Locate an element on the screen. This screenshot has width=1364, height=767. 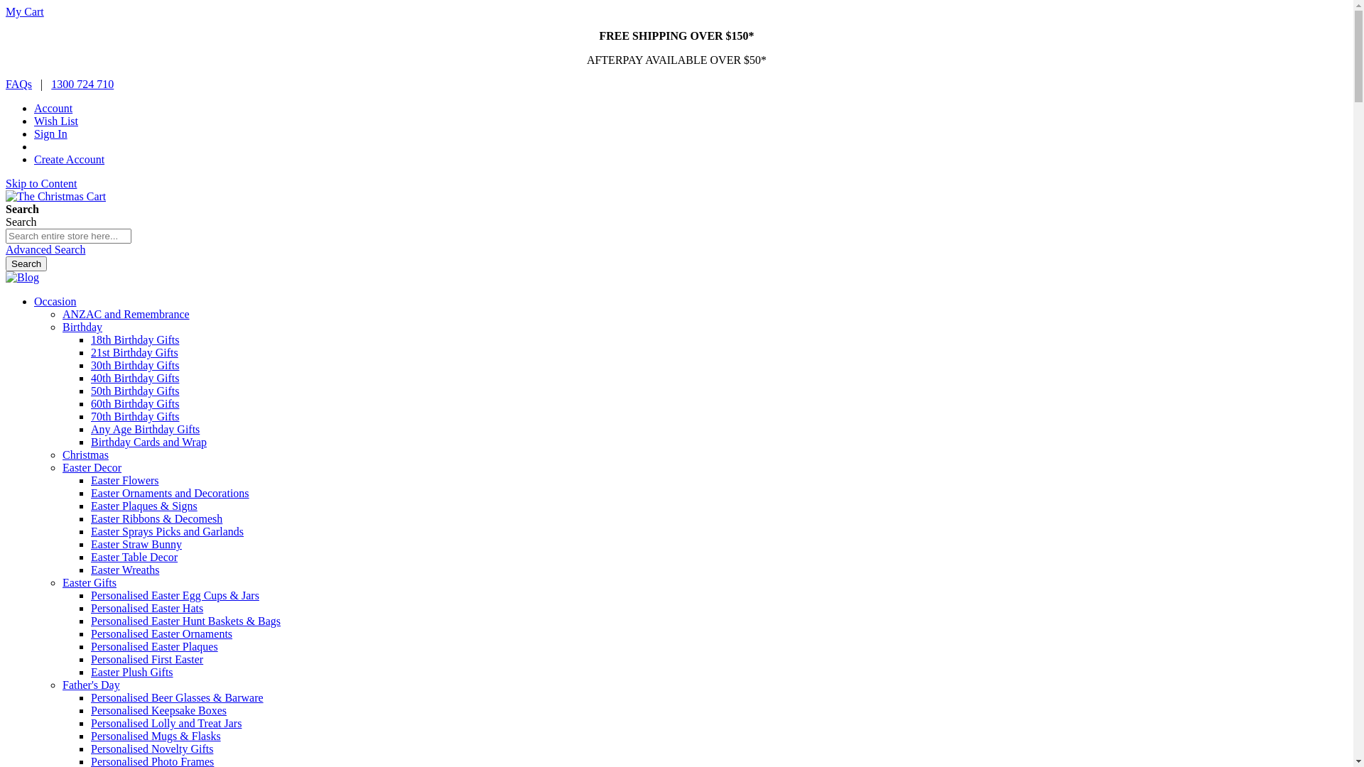
'Personalised Easter Hats' is located at coordinates (146, 607).